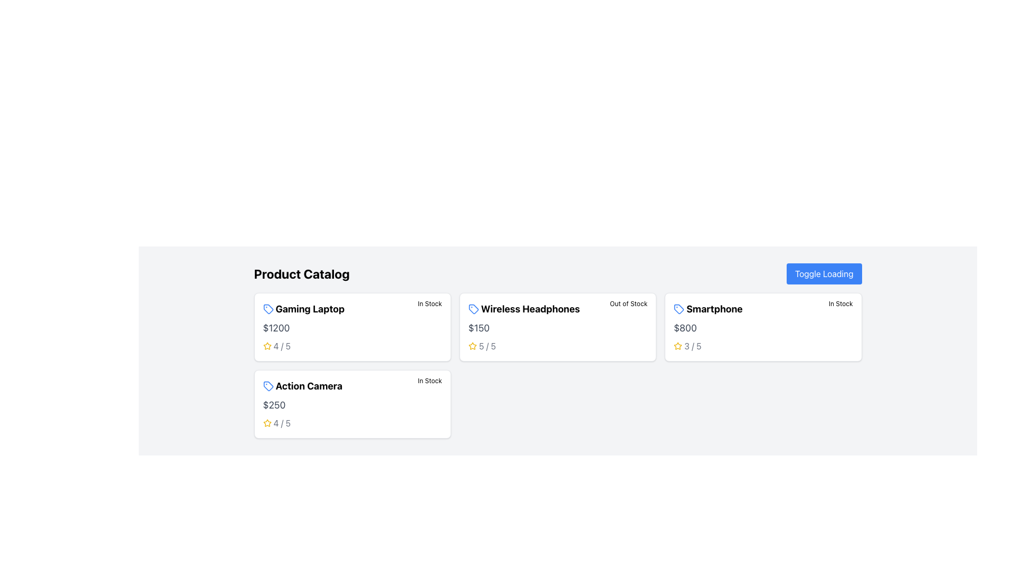 This screenshot has width=1013, height=570. What do you see at coordinates (276, 423) in the screenshot?
I see `the distinct Rating indicator featuring a yellow star icon and the rating '4 / 5' located in the lower left part of the 'Action Camera' product card` at bounding box center [276, 423].